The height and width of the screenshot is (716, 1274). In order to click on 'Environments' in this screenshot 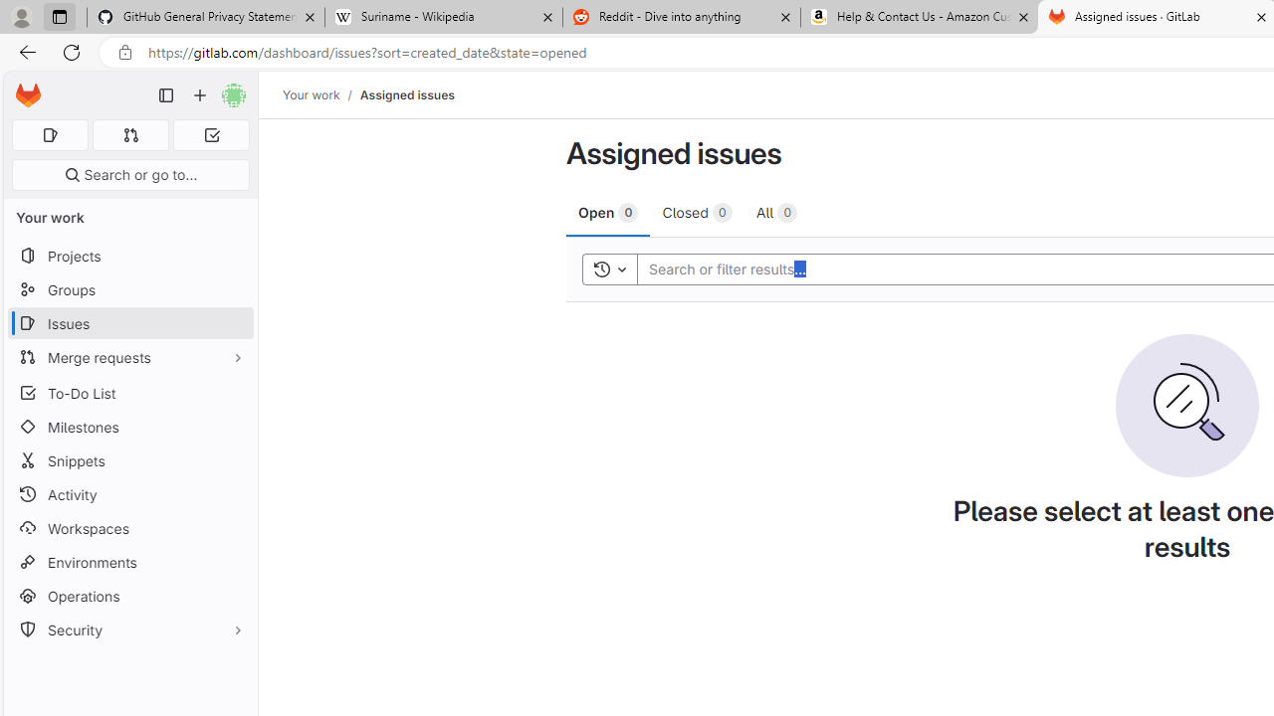, I will do `click(129, 562)`.